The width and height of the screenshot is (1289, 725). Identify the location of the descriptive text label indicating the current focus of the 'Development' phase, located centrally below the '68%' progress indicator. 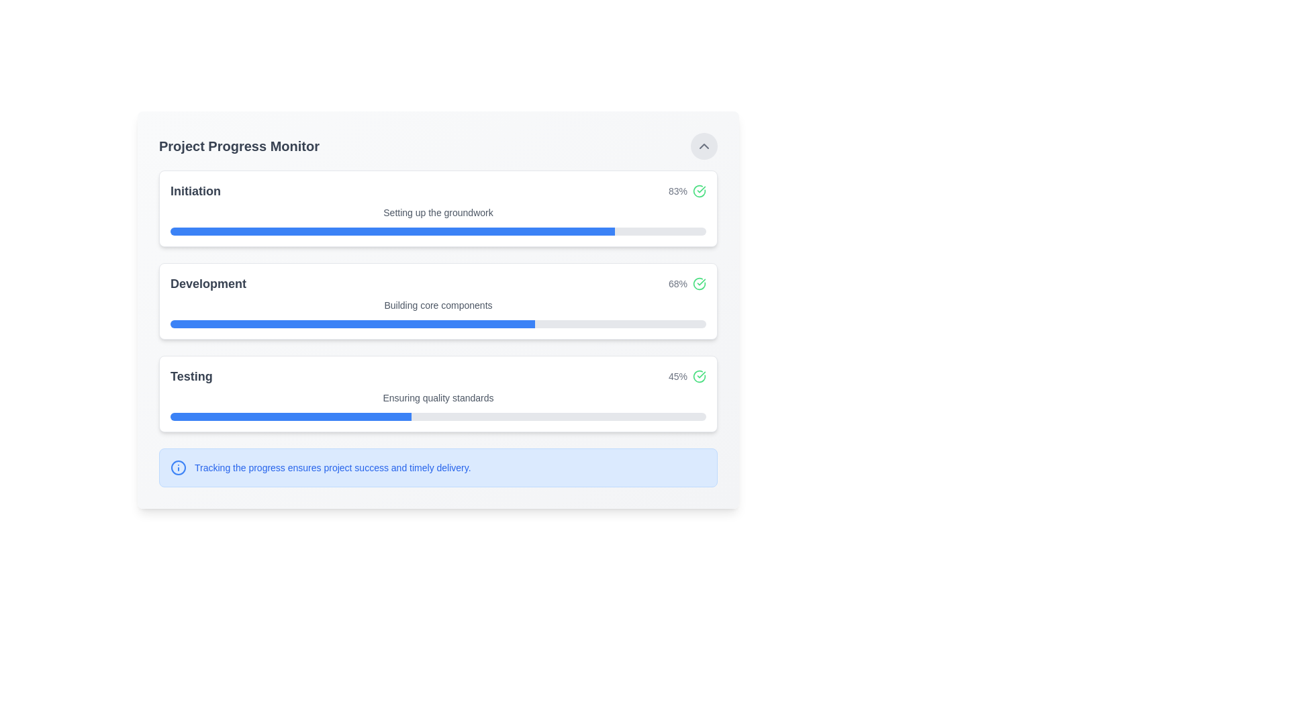
(438, 305).